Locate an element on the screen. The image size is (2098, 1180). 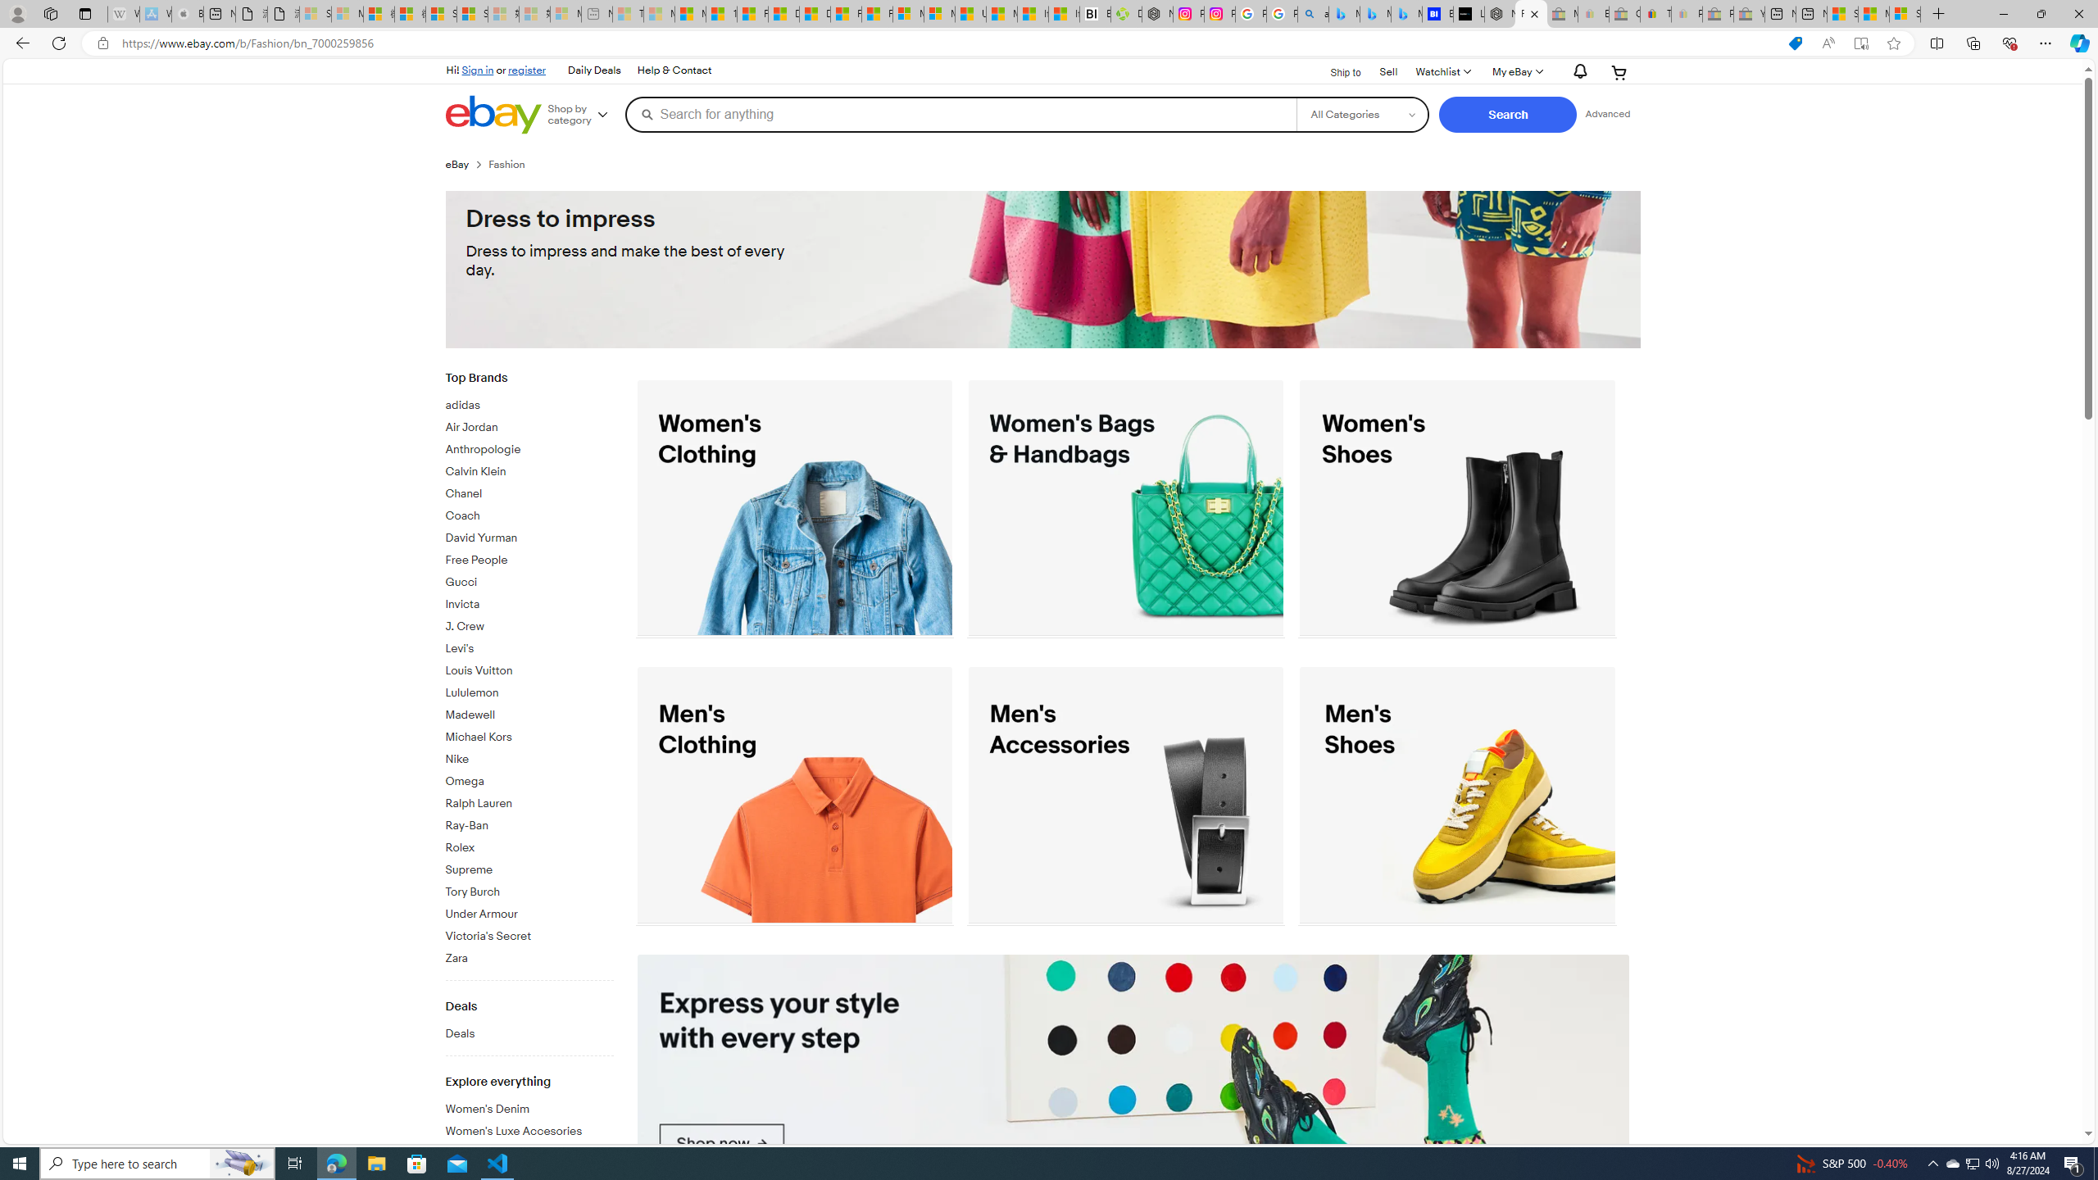
'Coach' is located at coordinates (529, 515).